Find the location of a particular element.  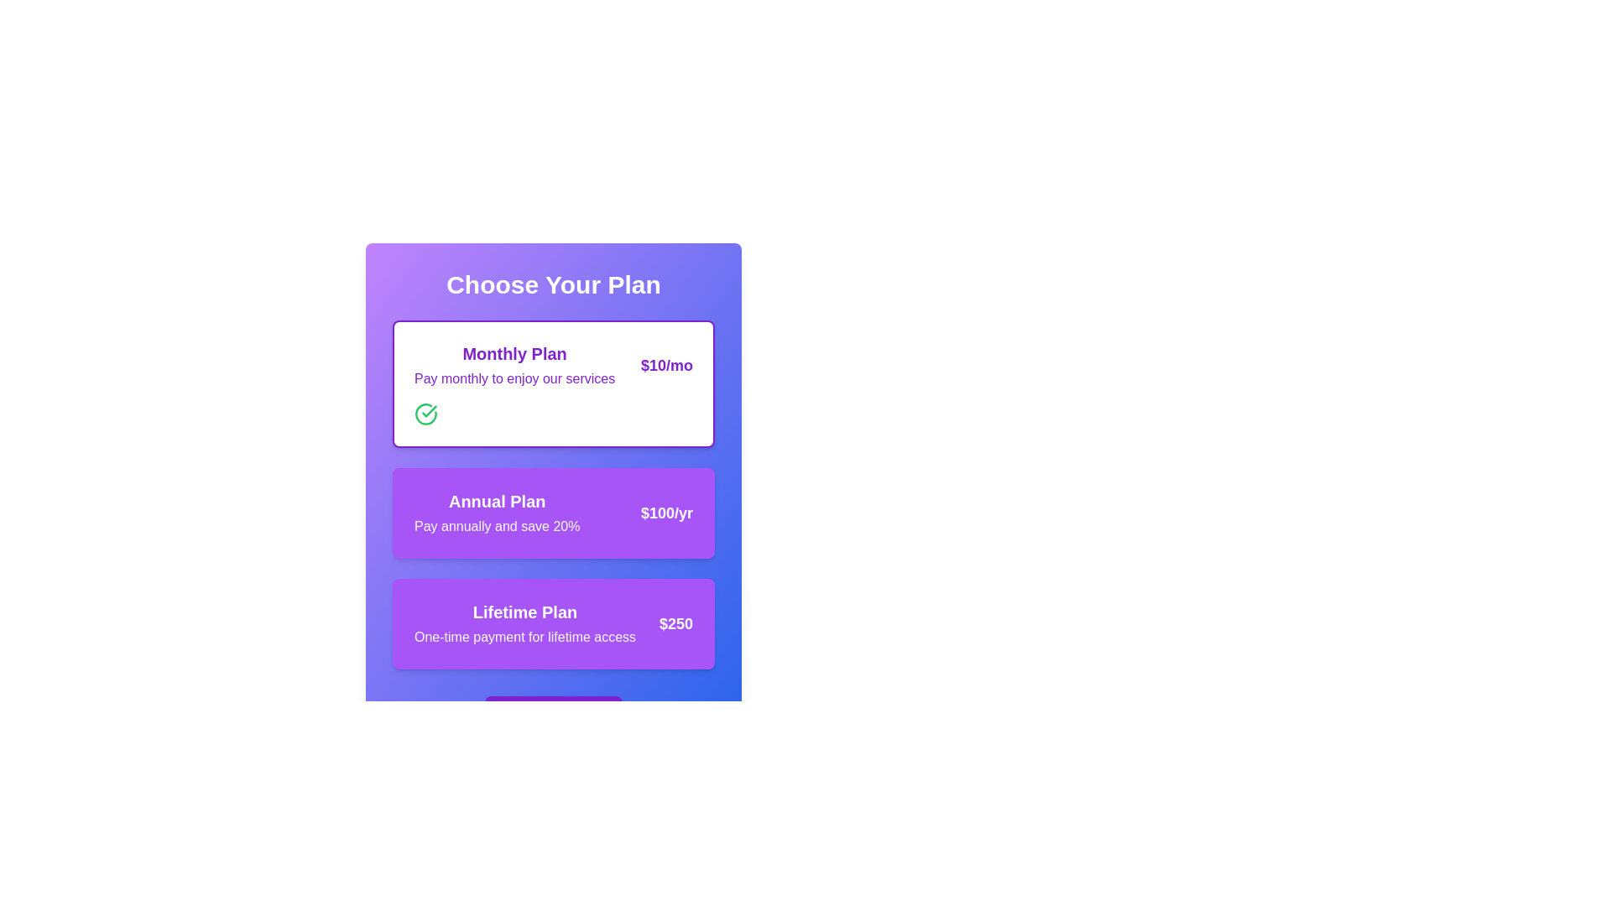

text label displaying 'Pay annually and save 20%' located beneath the 'Annual Plan' title in the Annual Plan section is located at coordinates (496, 526).